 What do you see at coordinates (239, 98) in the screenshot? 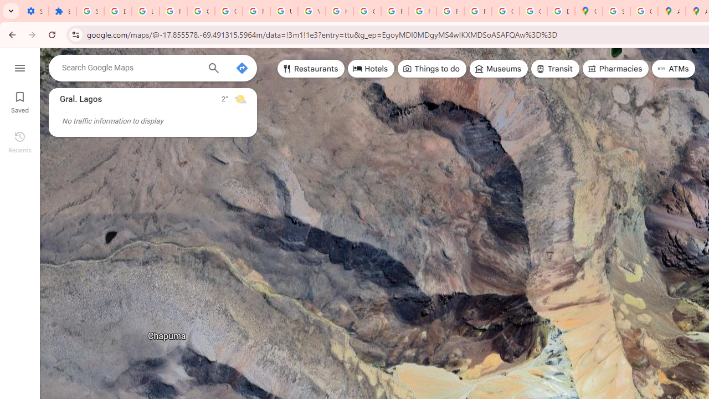
I see `'Mostly cloudy'` at bounding box center [239, 98].